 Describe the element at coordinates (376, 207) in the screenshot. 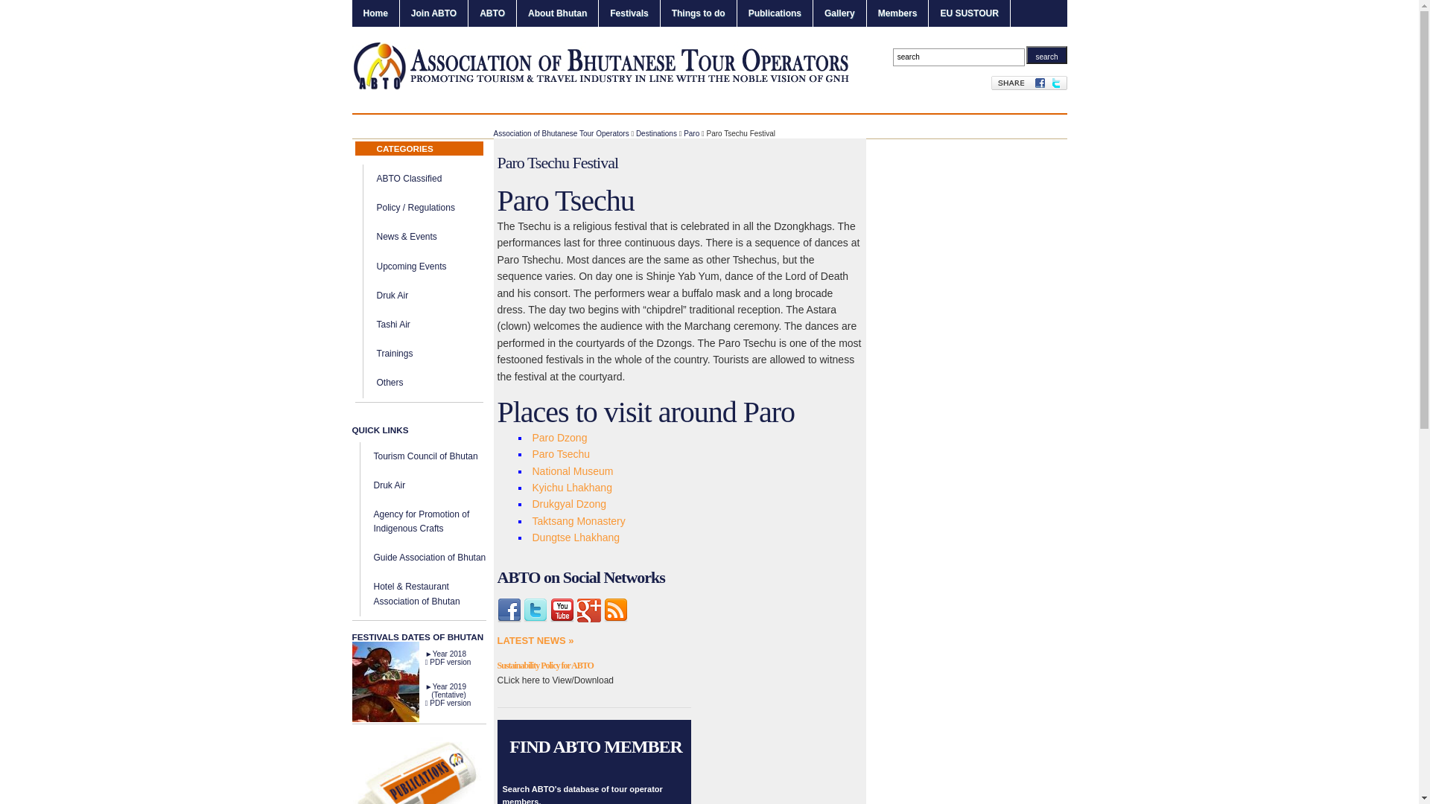

I see `'Policy / Regulations'` at that location.